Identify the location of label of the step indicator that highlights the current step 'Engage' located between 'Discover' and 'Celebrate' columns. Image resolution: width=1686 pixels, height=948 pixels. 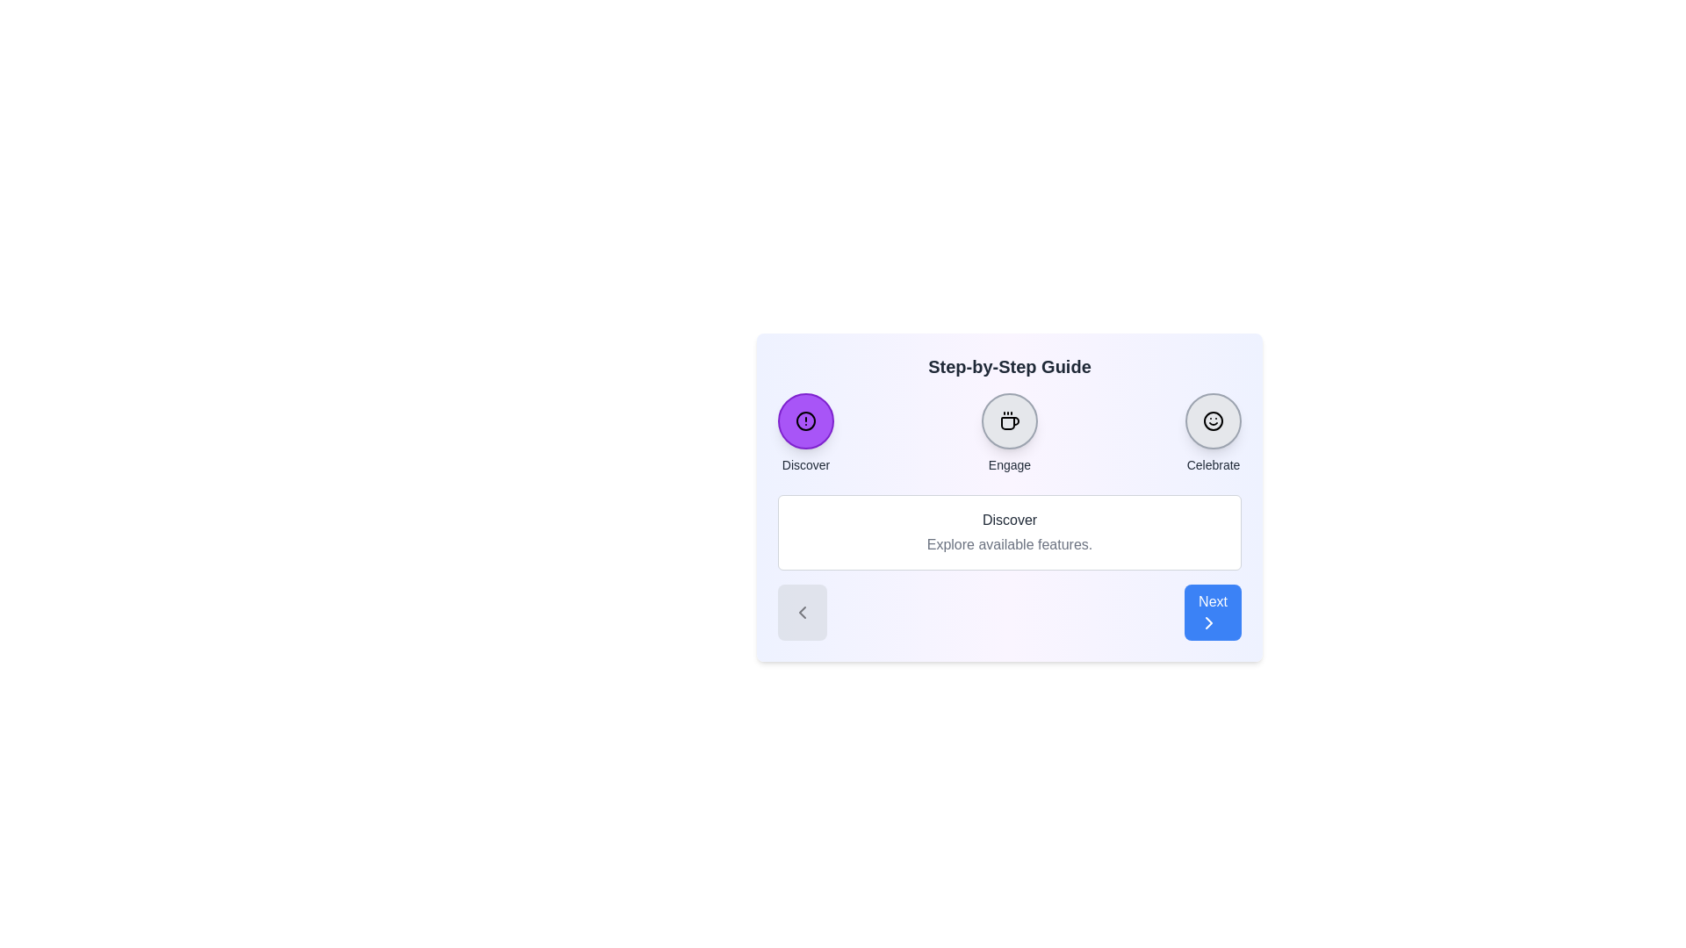
(1010, 433).